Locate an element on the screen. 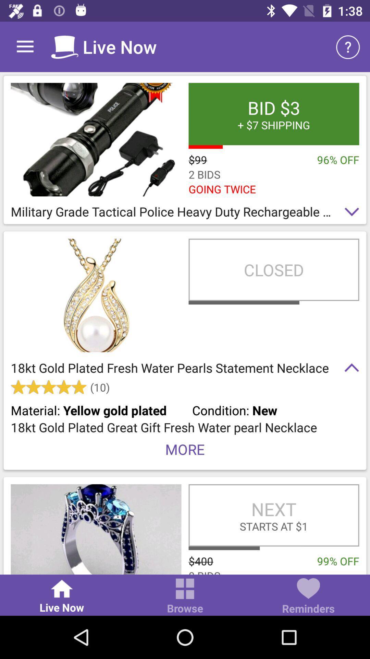 The image size is (370, 659). this item is located at coordinates (96, 529).